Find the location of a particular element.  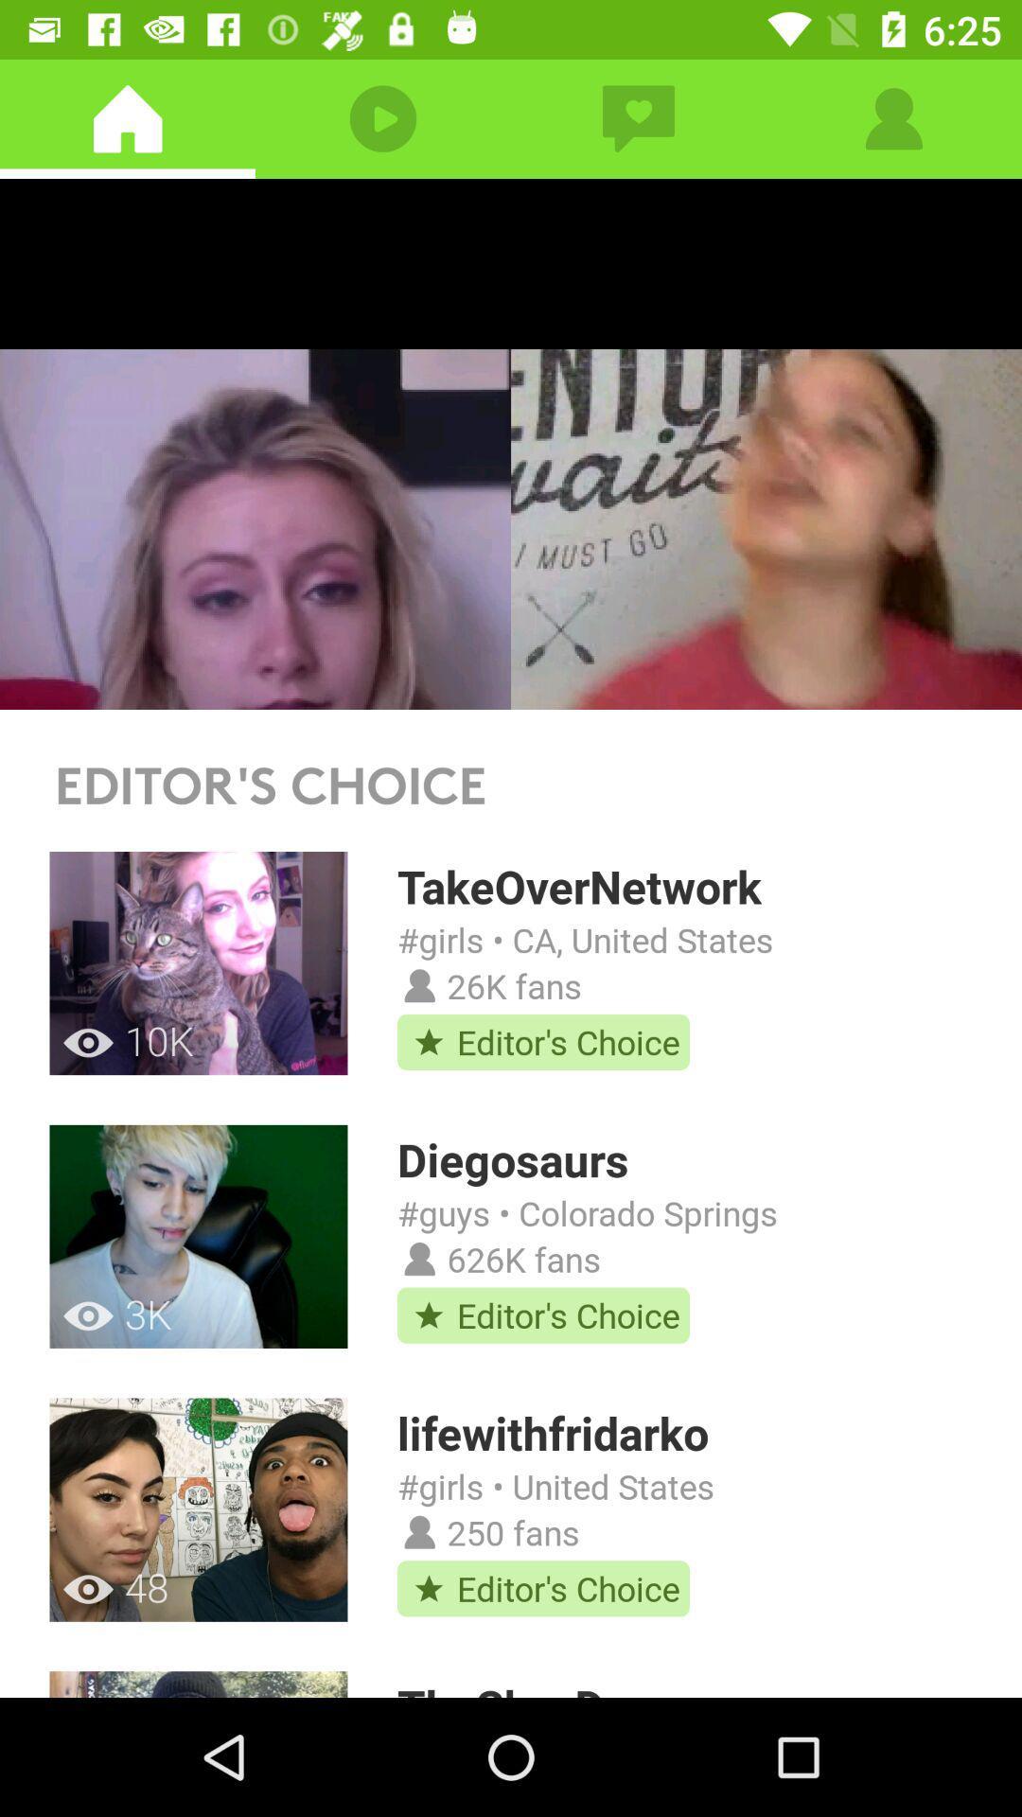

video is located at coordinates (511, 443).